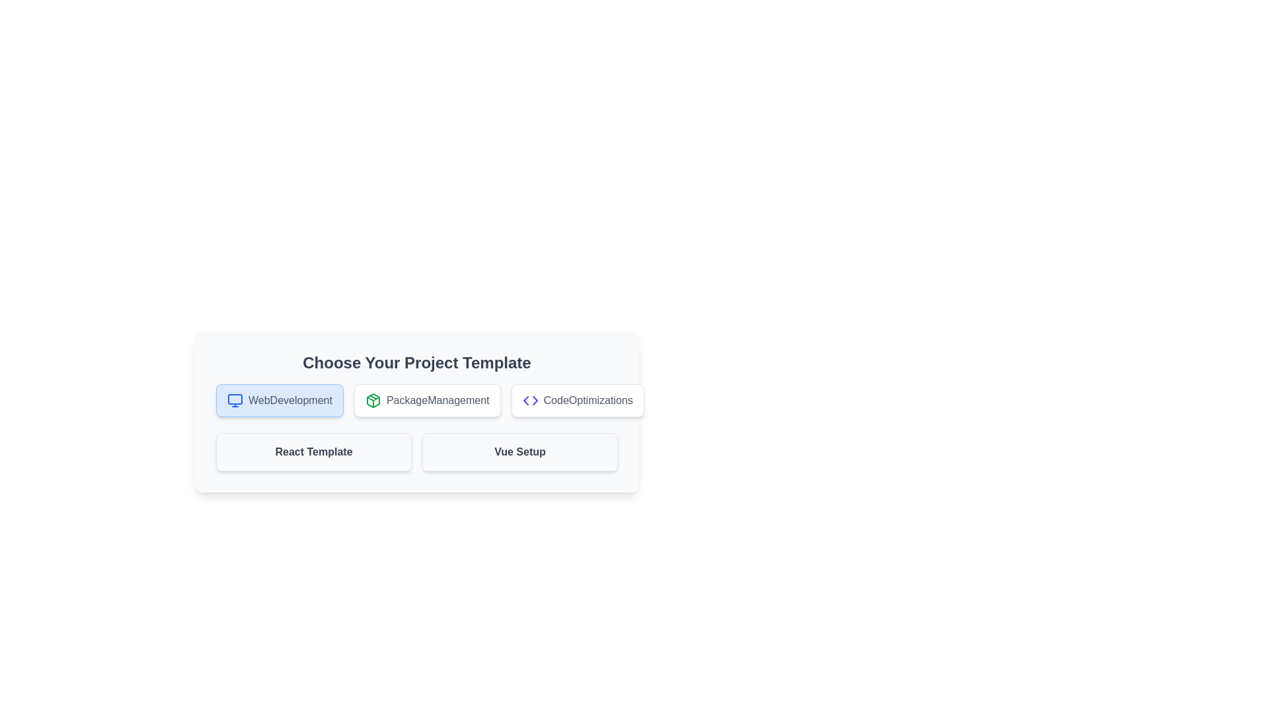  I want to click on the 'PackageManagement' label, which is the second option in a horizontally aligned list of selectable options, so click(438, 399).